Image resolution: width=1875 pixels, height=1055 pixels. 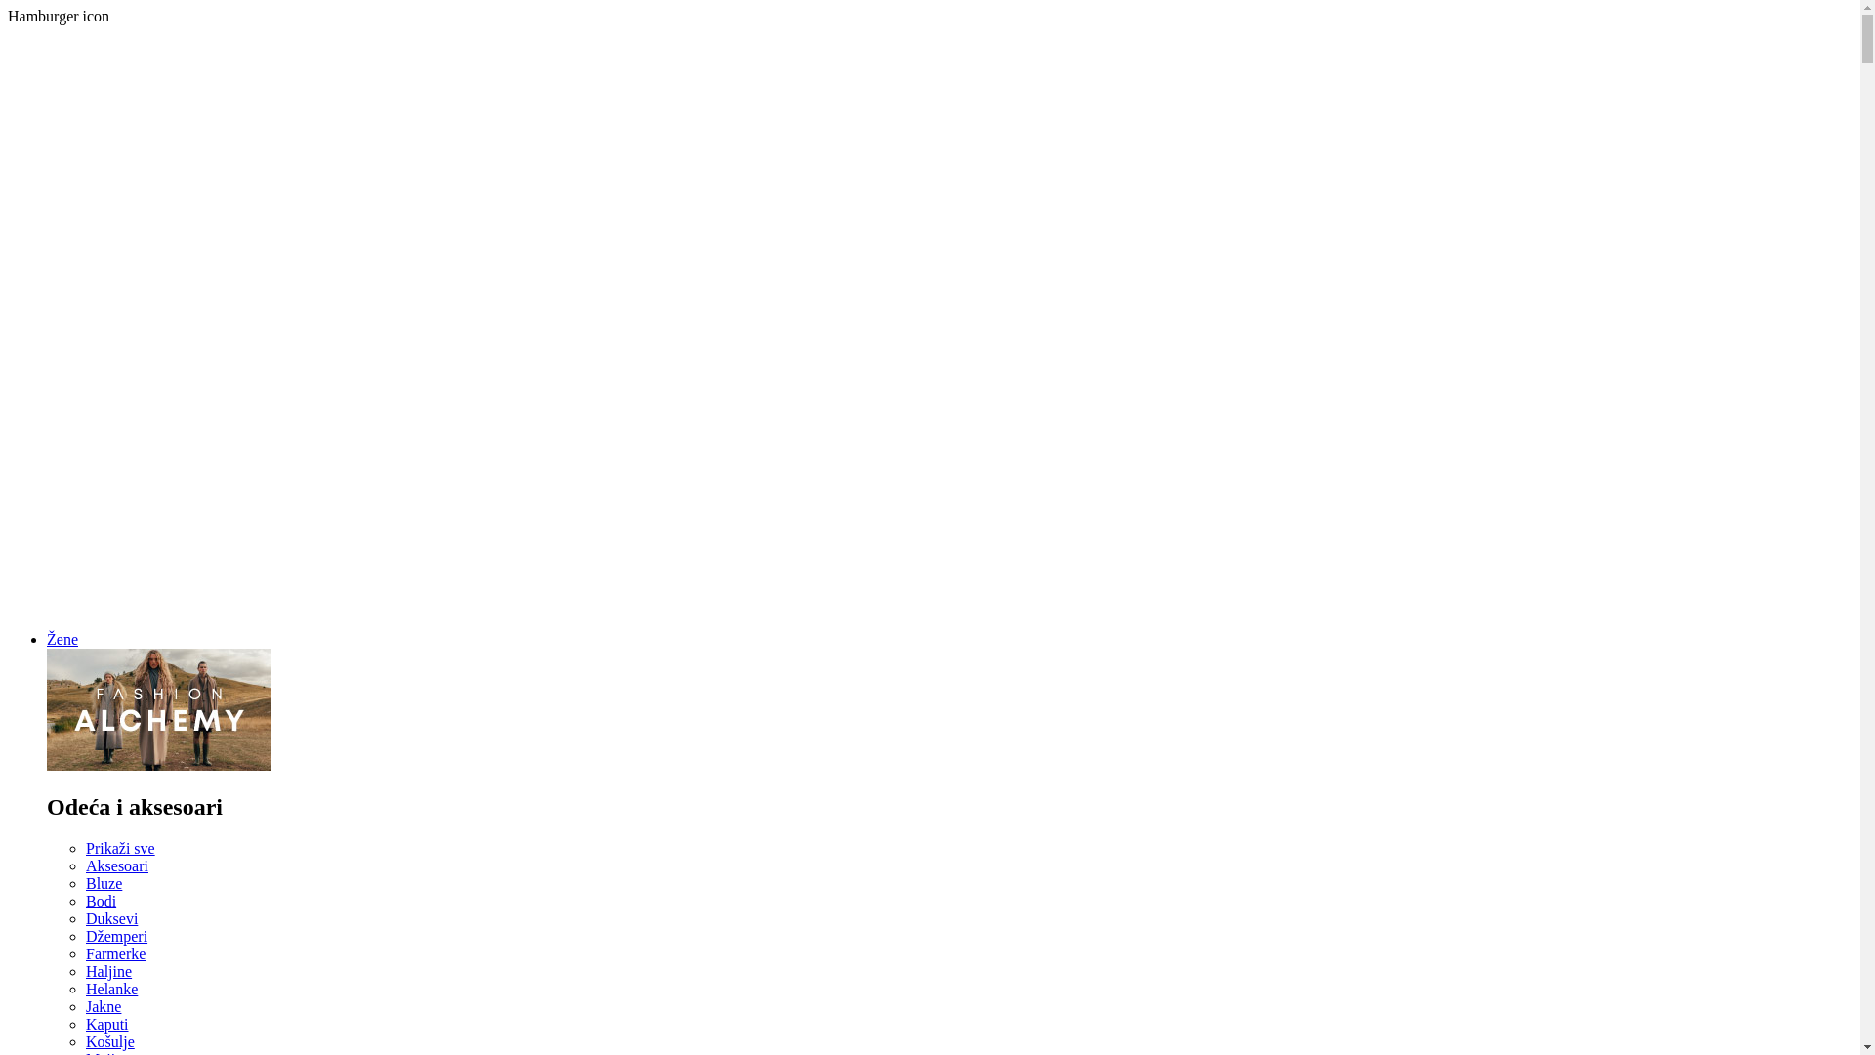 What do you see at coordinates (116, 865) in the screenshot?
I see `'Aksesoari'` at bounding box center [116, 865].